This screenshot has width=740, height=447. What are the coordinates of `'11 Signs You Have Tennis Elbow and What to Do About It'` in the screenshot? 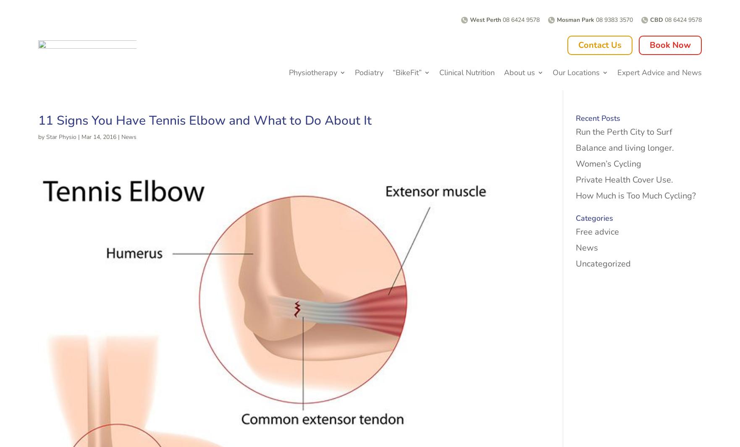 It's located at (205, 120).